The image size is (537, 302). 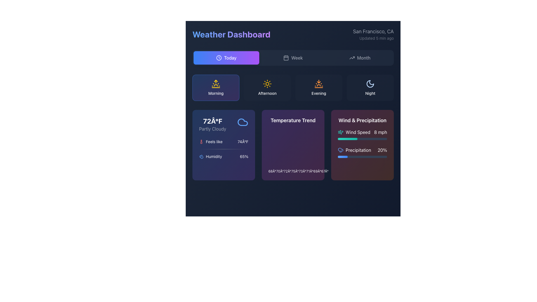 What do you see at coordinates (362, 143) in the screenshot?
I see `details for the wind speed and precipitation metrics displayed in the lower-right corner of the 'Wind & Precipitation' card, which includes the wind speed icon, label, and value as well as the precipitation icon, label, and value` at bounding box center [362, 143].